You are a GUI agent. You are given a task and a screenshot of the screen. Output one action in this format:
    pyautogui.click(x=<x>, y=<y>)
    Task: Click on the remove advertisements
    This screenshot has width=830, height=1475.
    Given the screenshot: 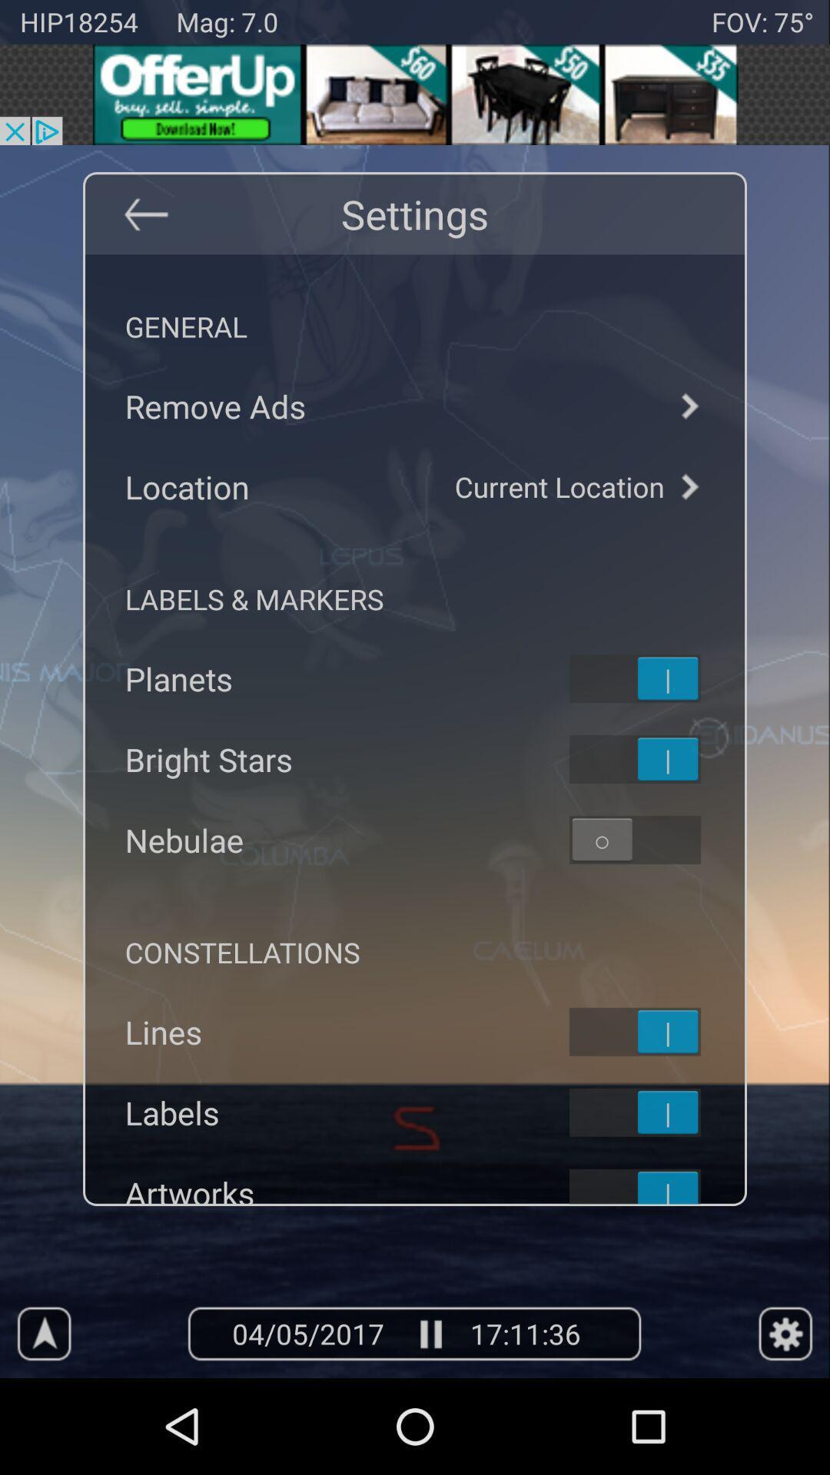 What is the action you would take?
    pyautogui.click(x=415, y=406)
    